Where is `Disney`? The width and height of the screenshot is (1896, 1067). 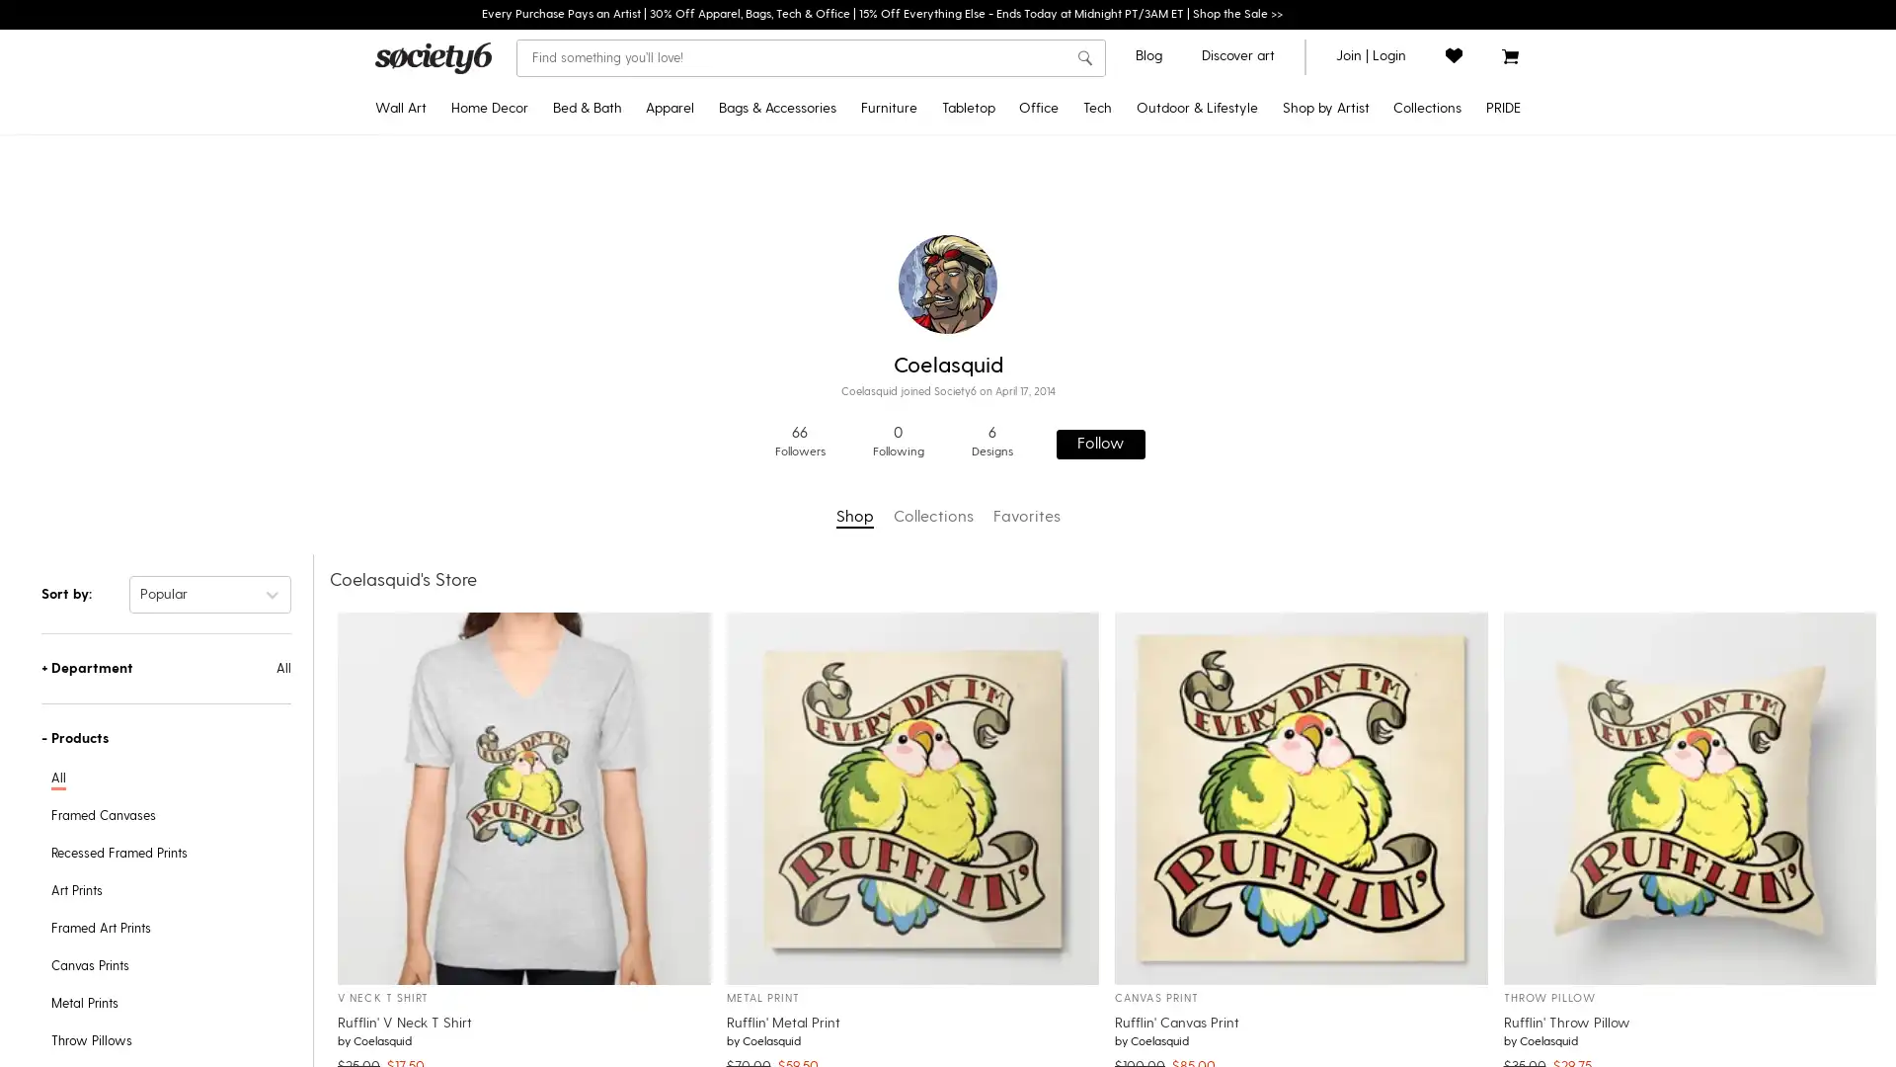
Disney is located at coordinates (1272, 158).